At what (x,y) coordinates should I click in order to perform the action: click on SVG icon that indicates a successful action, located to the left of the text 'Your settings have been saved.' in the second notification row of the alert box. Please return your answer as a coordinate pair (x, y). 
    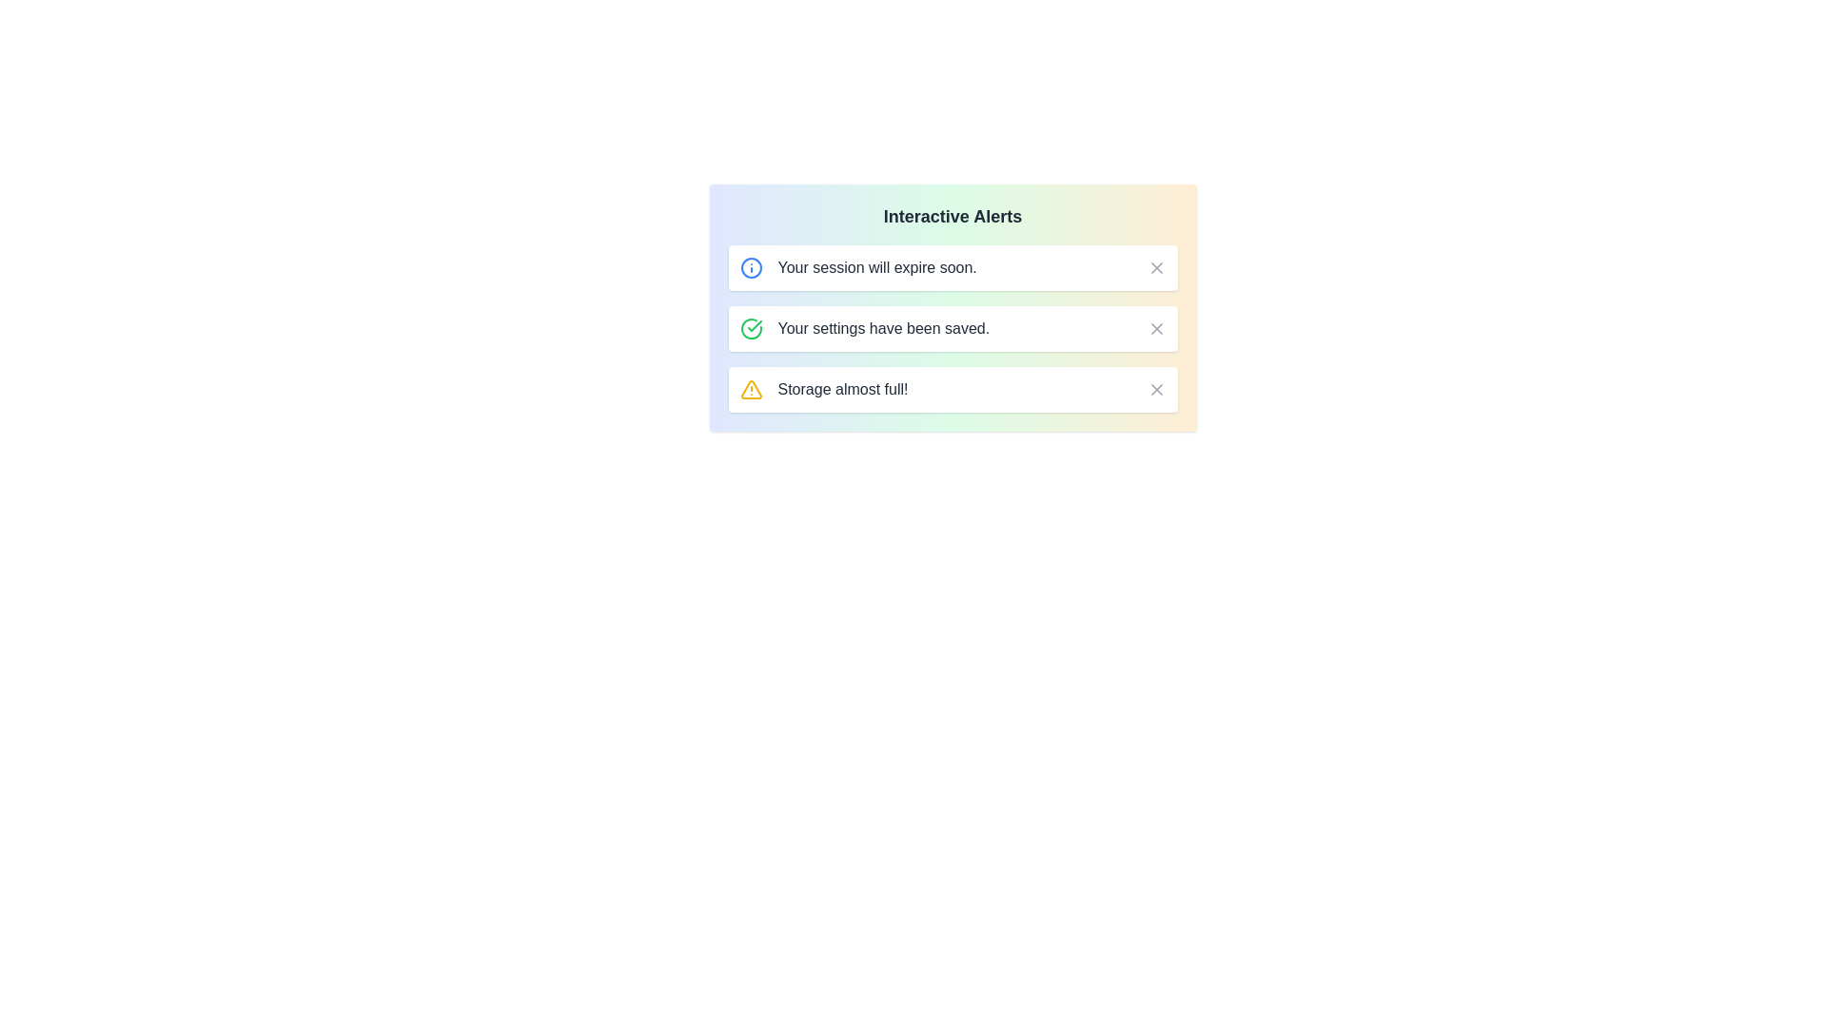
    Looking at the image, I should click on (753, 325).